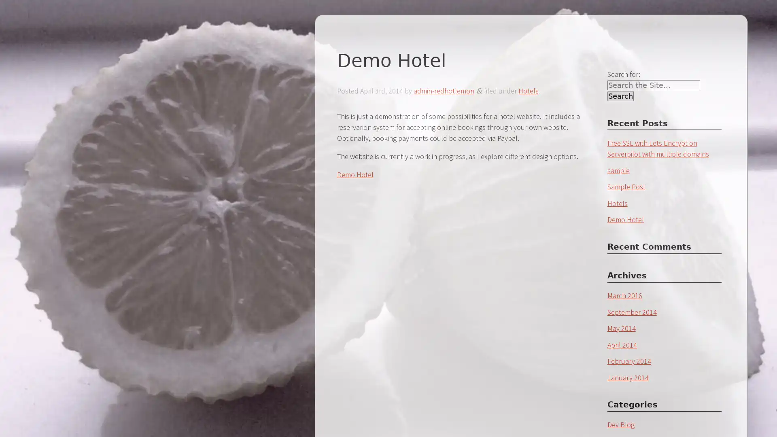 This screenshot has width=777, height=437. Describe the element at coordinates (620, 95) in the screenshot. I see `Search` at that location.